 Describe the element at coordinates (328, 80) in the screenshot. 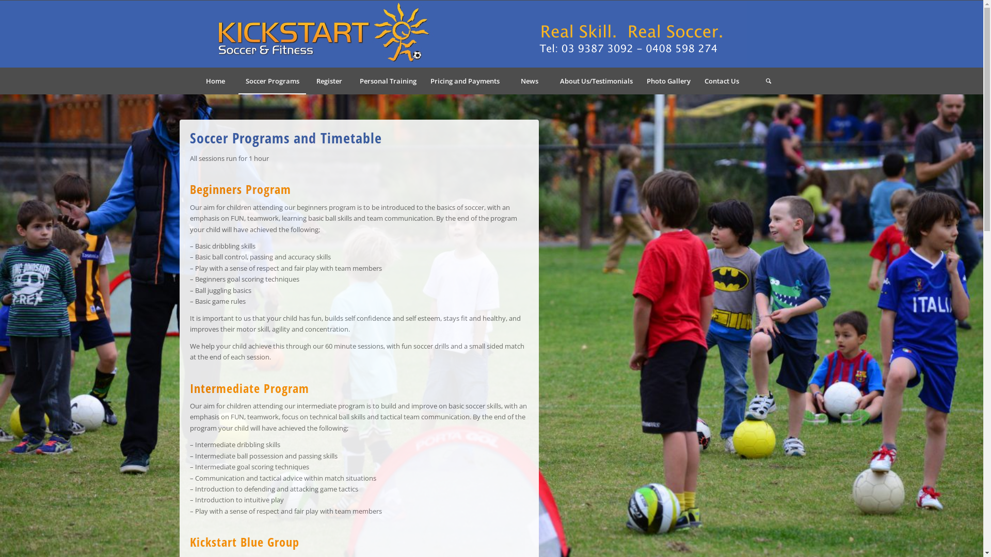

I see `'Register'` at that location.